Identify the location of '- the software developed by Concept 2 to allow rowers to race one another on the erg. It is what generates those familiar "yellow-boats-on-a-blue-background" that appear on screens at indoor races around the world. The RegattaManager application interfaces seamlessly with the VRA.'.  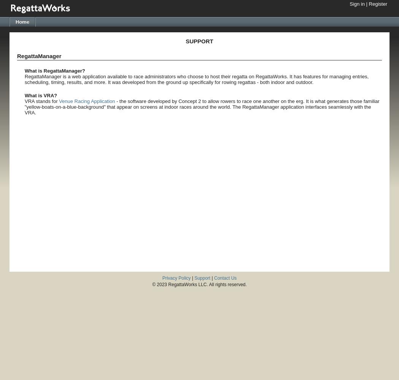
(24, 107).